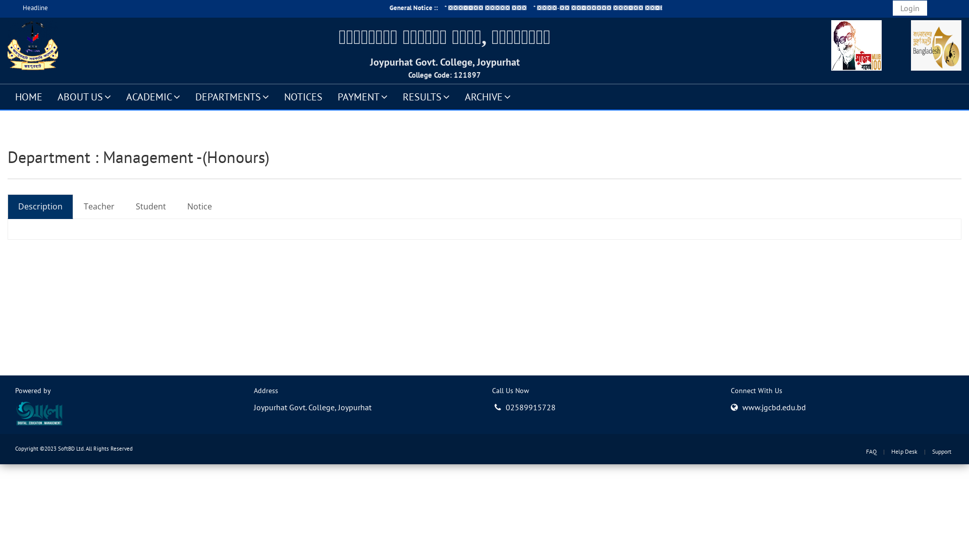 This screenshot has height=545, width=969. Describe the element at coordinates (494, 406) in the screenshot. I see `'02589915728'` at that location.